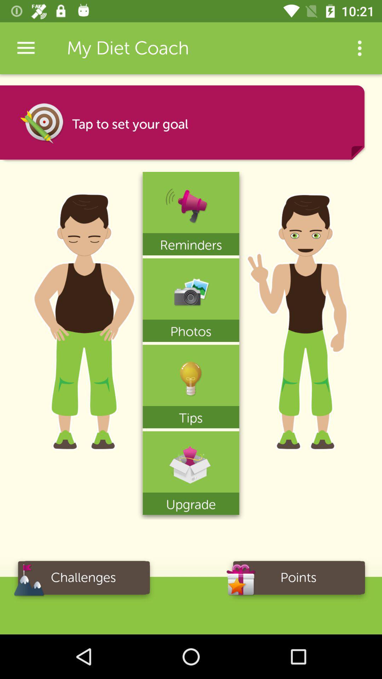 Image resolution: width=382 pixels, height=679 pixels. What do you see at coordinates (360, 48) in the screenshot?
I see `item at the top right corner` at bounding box center [360, 48].